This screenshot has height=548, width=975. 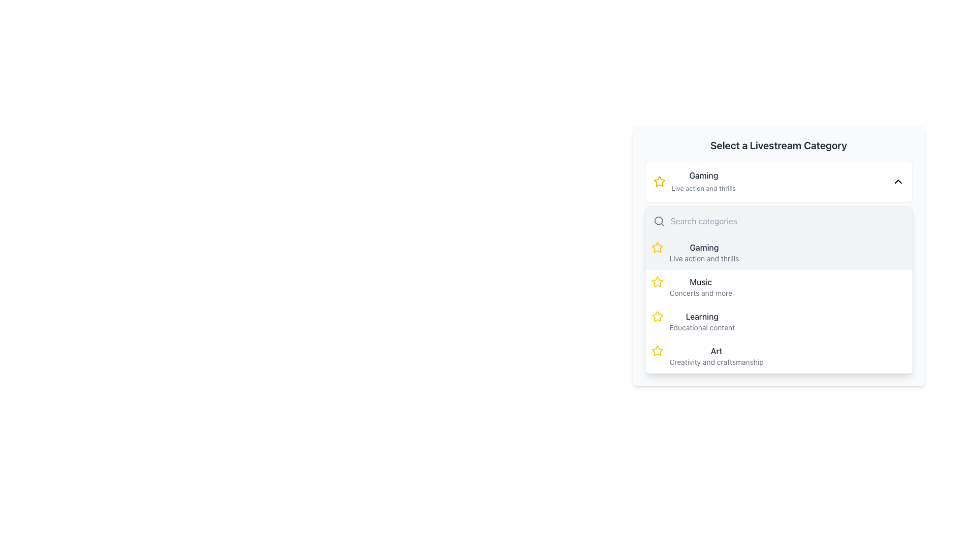 What do you see at coordinates (658, 220) in the screenshot?
I see `the inner circle of the magnifying glass icon located within the search bar of the drop-down menu` at bounding box center [658, 220].